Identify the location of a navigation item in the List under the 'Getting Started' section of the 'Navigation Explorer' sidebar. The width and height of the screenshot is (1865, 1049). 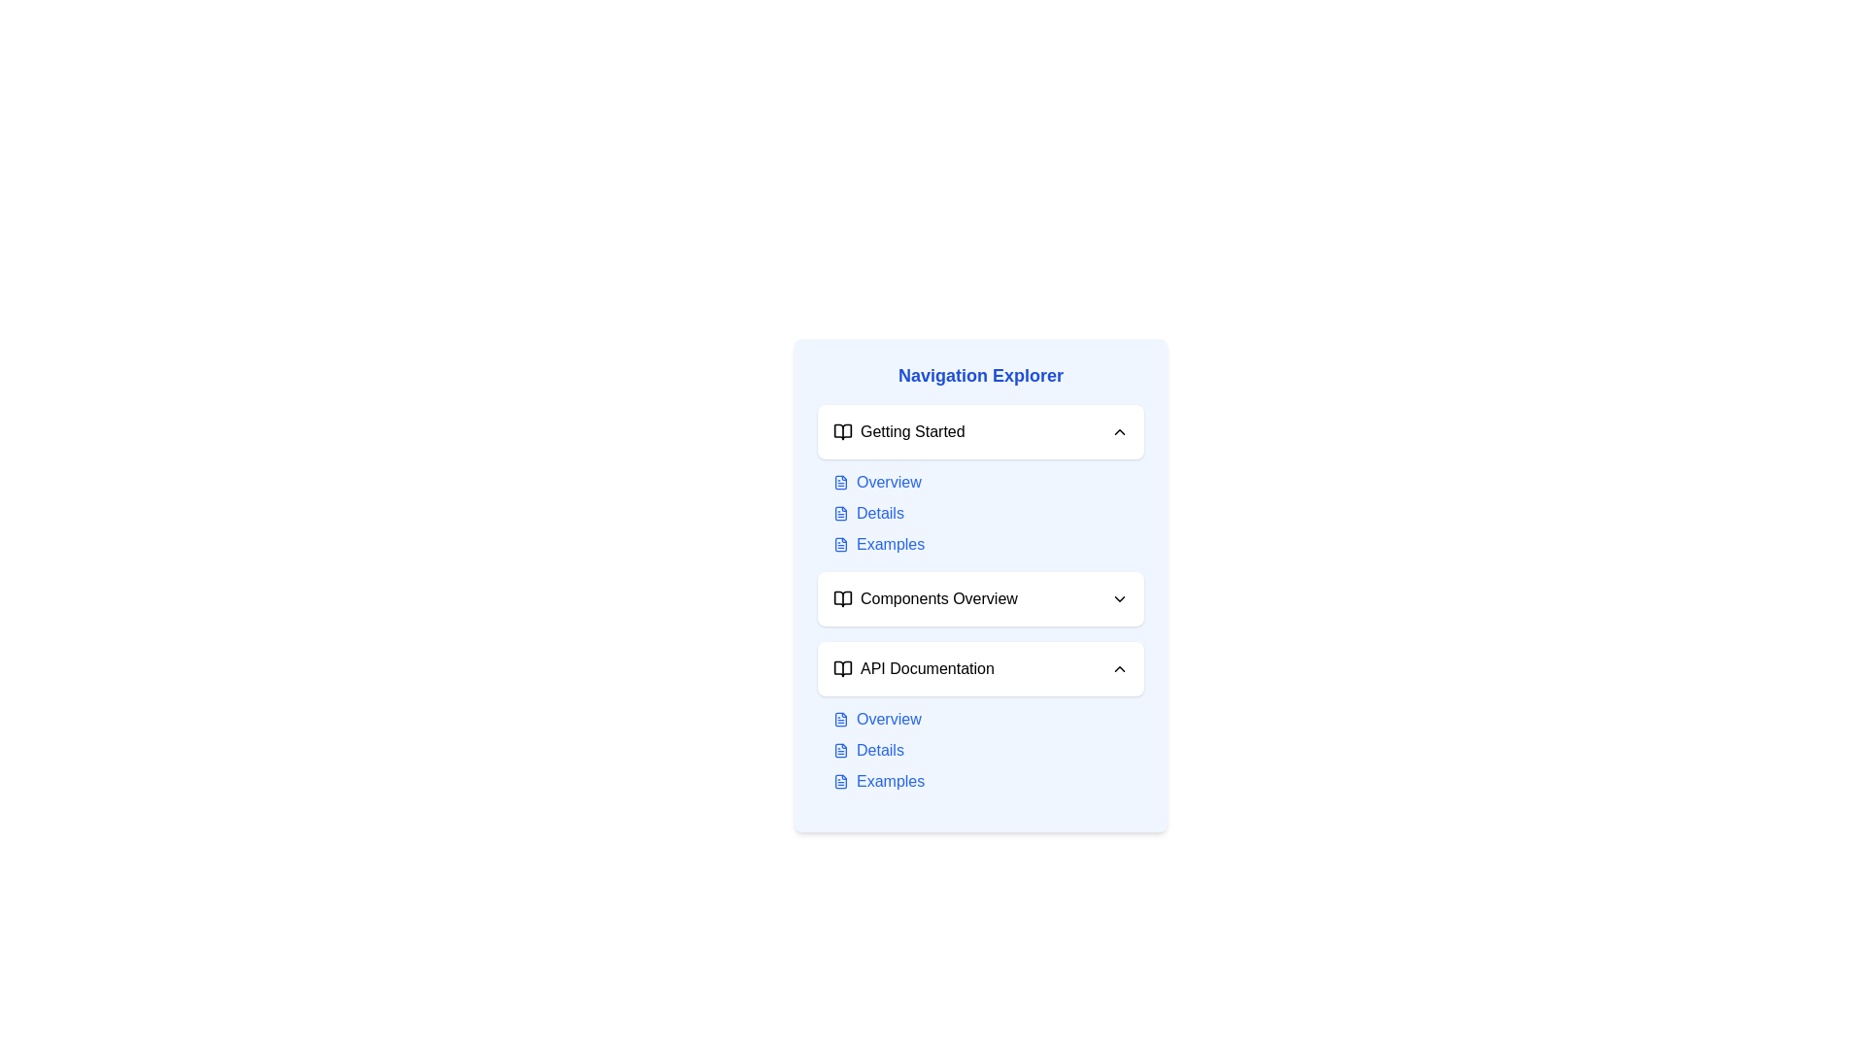
(988, 512).